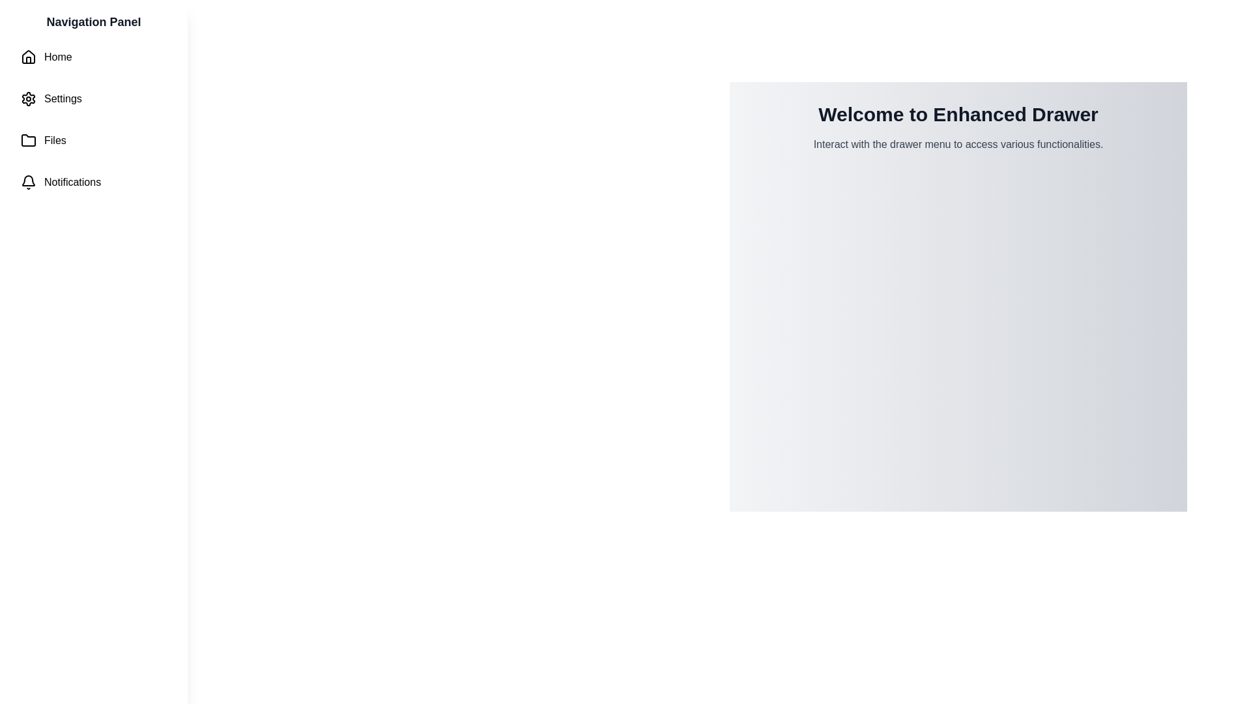 This screenshot has height=704, width=1251. I want to click on the 'Home' navigation button located at the top of the vertical list of navigation options, so click(93, 57).